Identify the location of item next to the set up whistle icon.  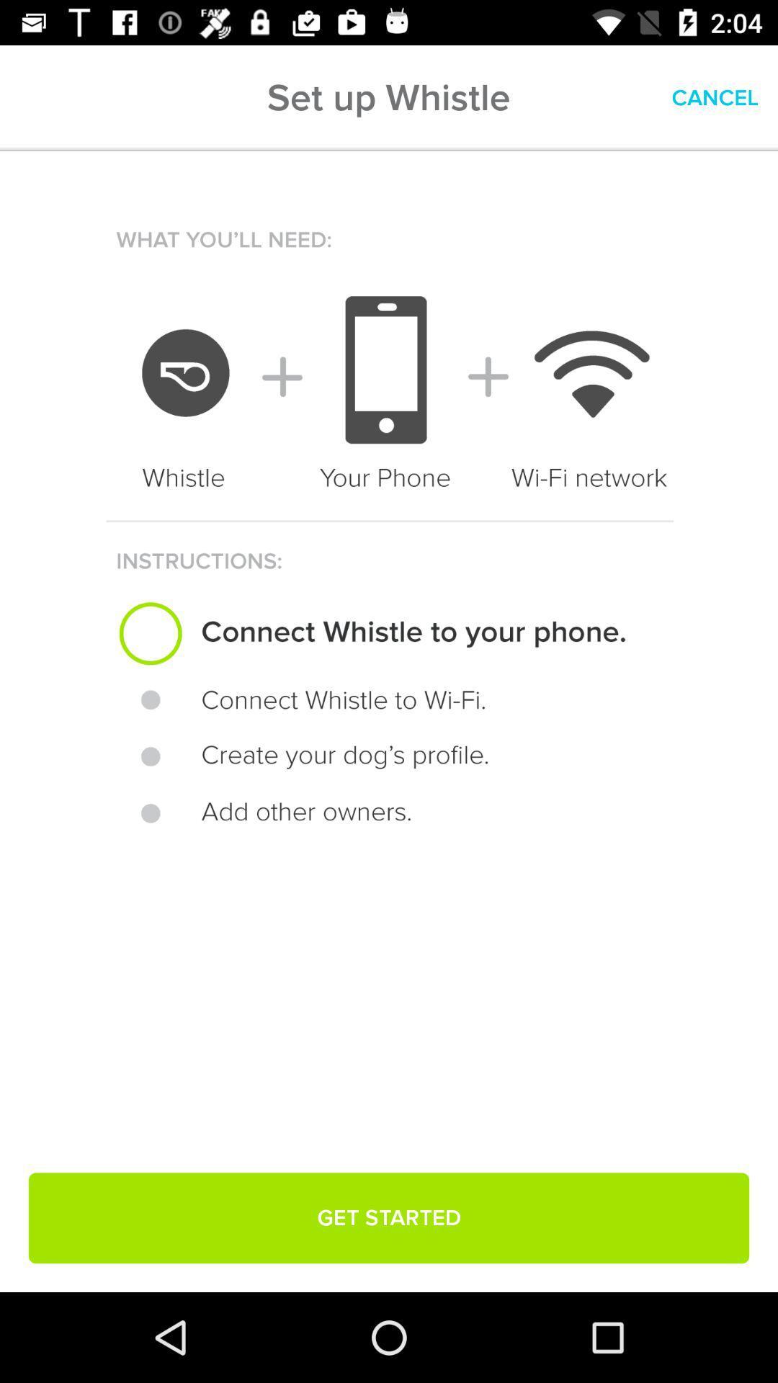
(715, 97).